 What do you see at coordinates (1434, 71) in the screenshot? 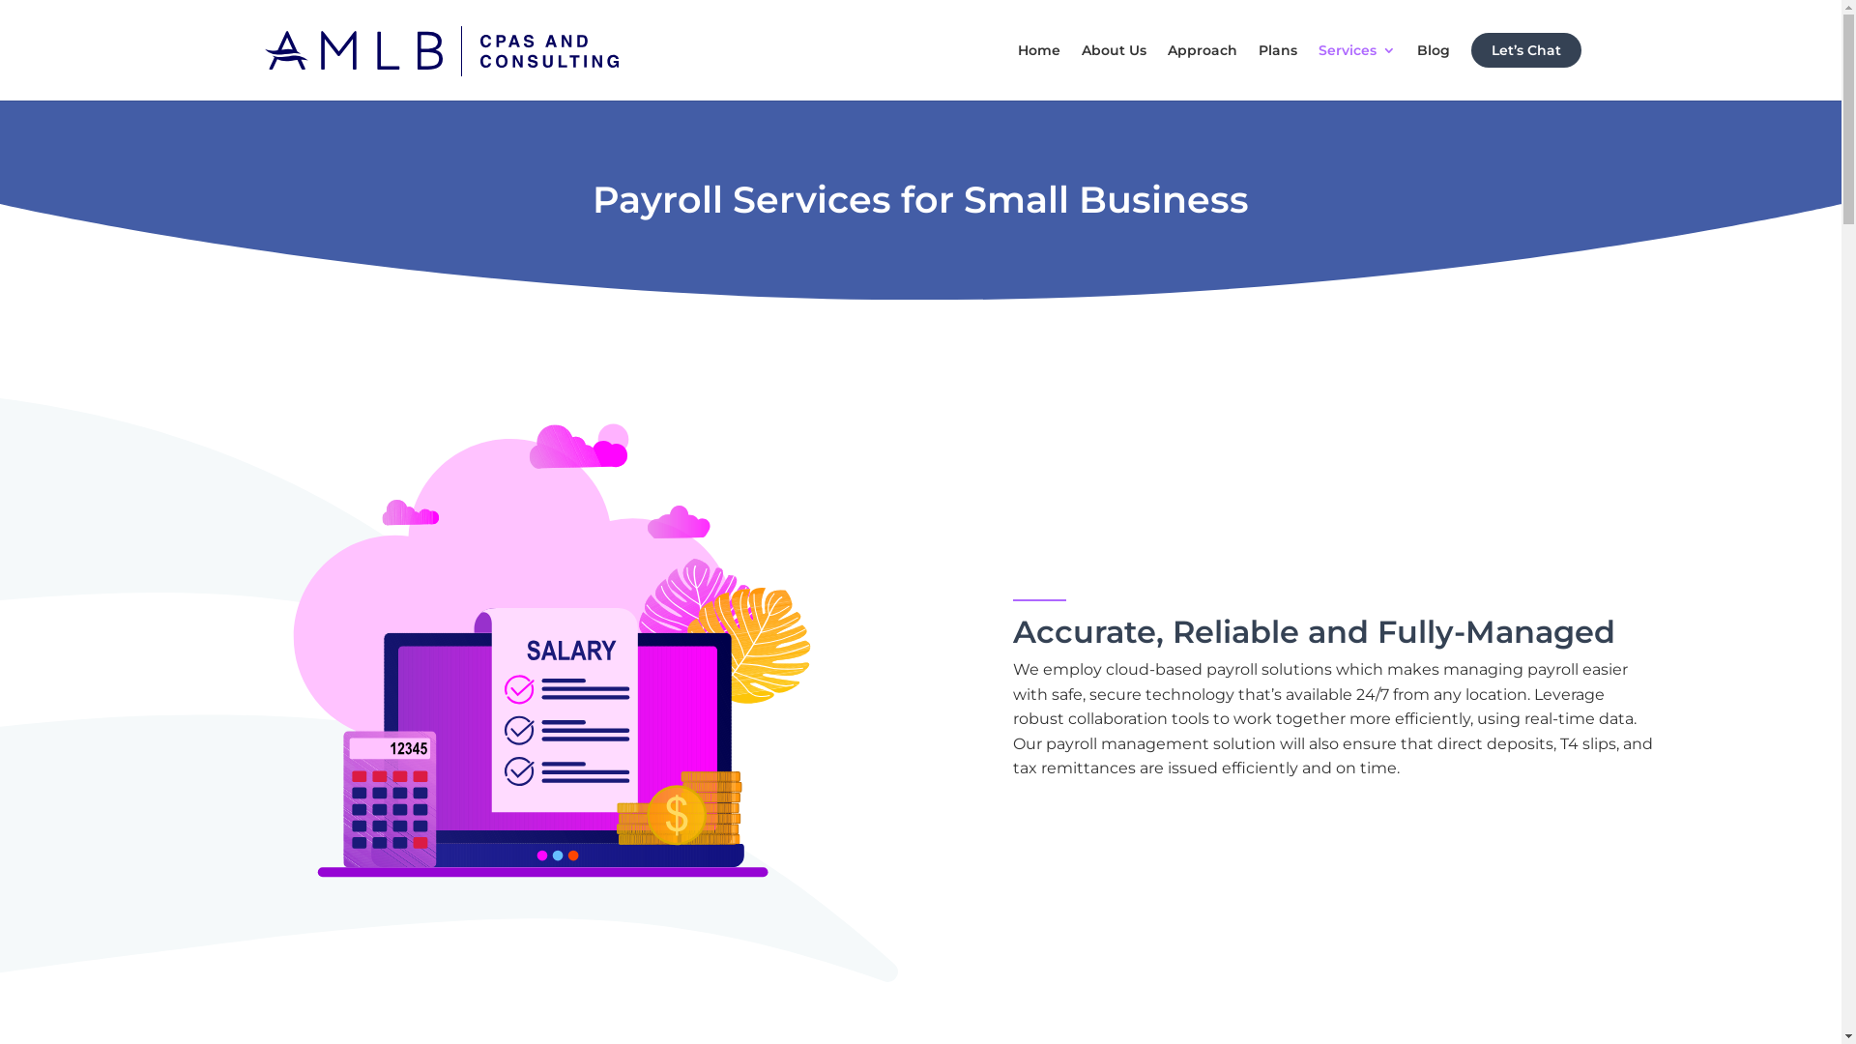
I see `'Blog'` at bounding box center [1434, 71].